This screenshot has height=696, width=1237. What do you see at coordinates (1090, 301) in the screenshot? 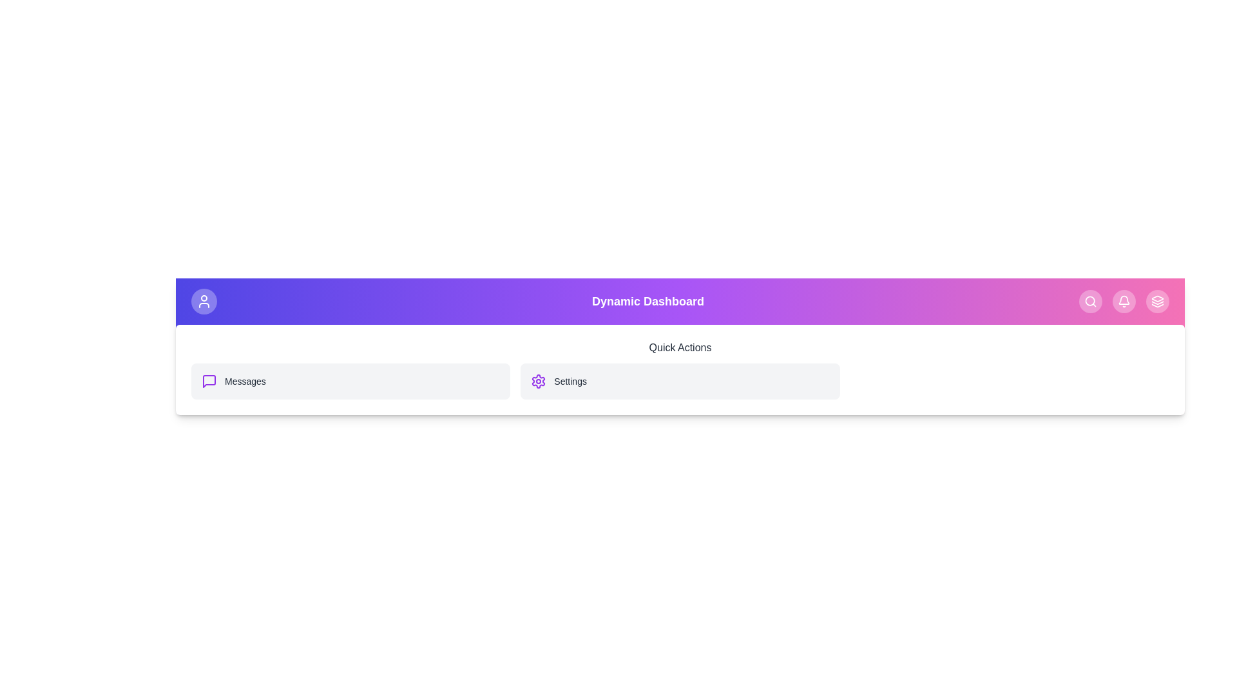
I see `the search icon located in the top right corner of the dashboard` at bounding box center [1090, 301].